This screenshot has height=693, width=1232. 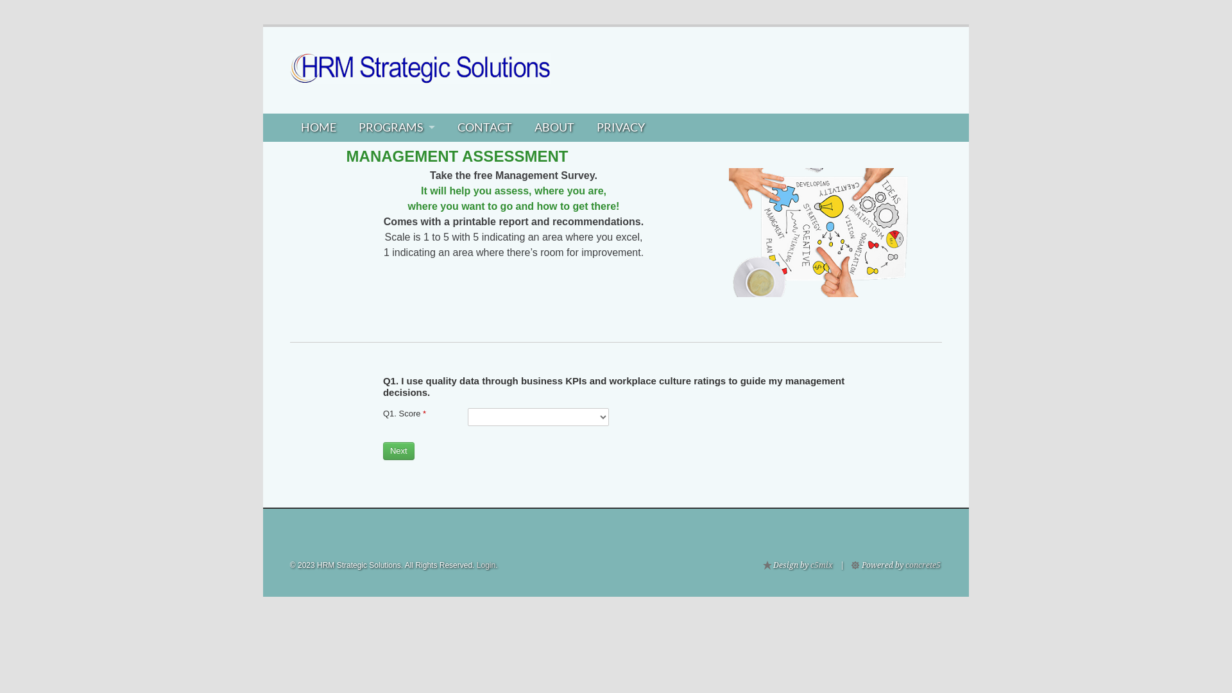 I want to click on 'PRIVACY', so click(x=620, y=128).